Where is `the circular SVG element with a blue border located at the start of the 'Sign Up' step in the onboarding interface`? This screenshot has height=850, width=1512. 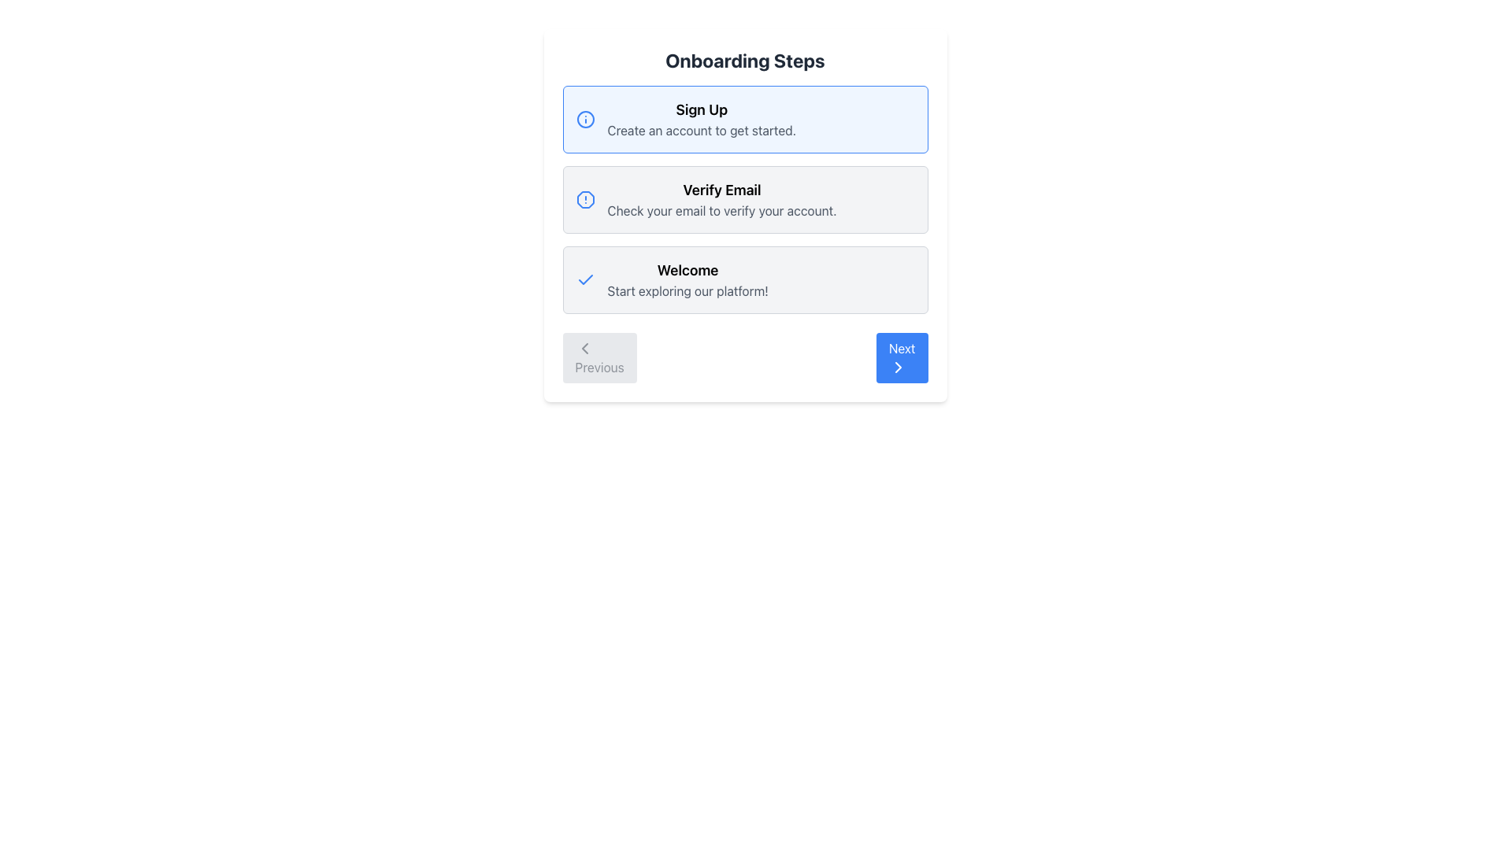
the circular SVG element with a blue border located at the start of the 'Sign Up' step in the onboarding interface is located at coordinates (584, 118).